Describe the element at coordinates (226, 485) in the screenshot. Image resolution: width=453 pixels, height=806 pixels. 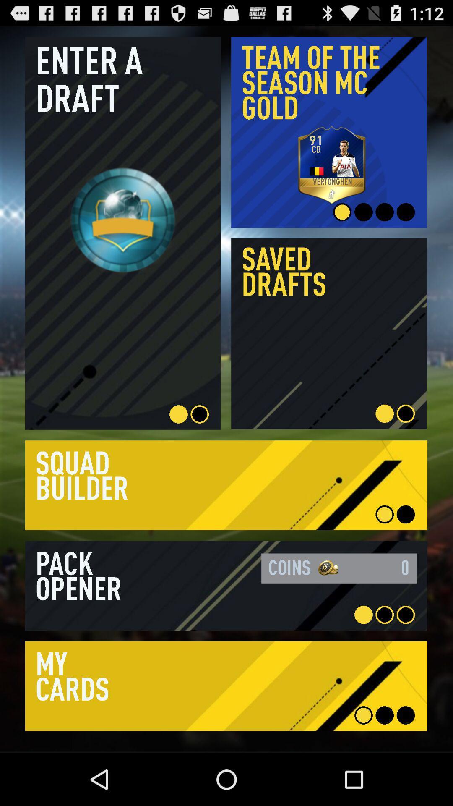
I see `click the button in squad builder` at that location.